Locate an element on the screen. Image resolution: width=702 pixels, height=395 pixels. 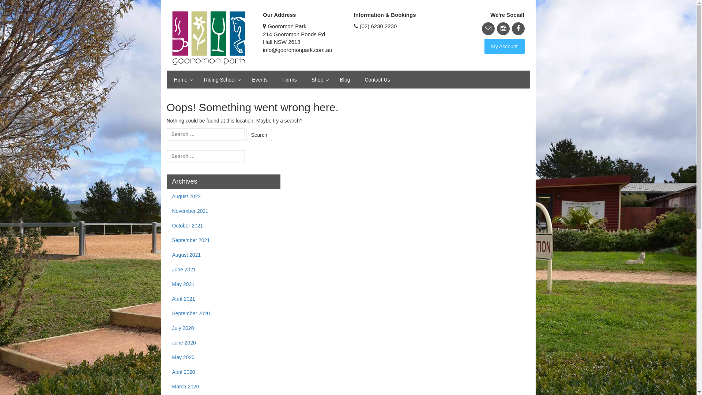
'My Account' is located at coordinates (503, 46).